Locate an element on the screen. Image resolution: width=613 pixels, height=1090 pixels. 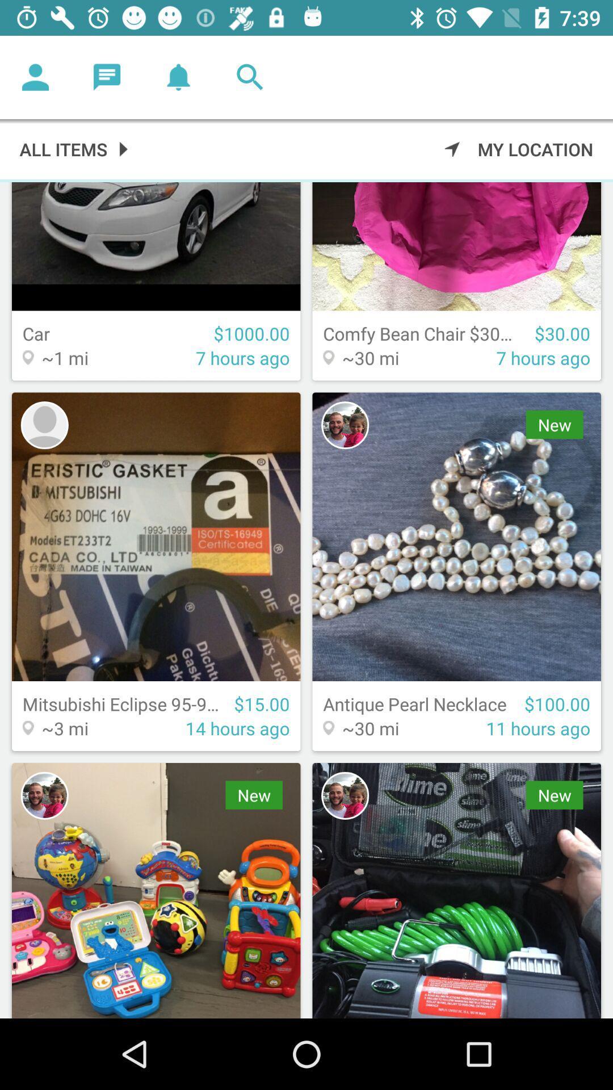
poster 's personal page is located at coordinates (345, 425).